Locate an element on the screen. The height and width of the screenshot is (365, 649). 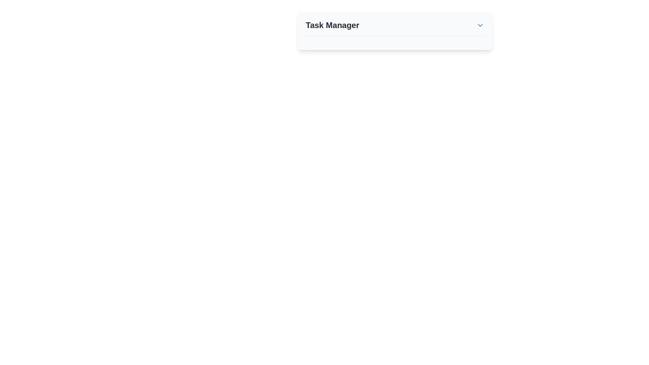
the dropdown menu toggle button located at the far right end of the title row in the Task Manager section for accessibility is located at coordinates (480, 25).